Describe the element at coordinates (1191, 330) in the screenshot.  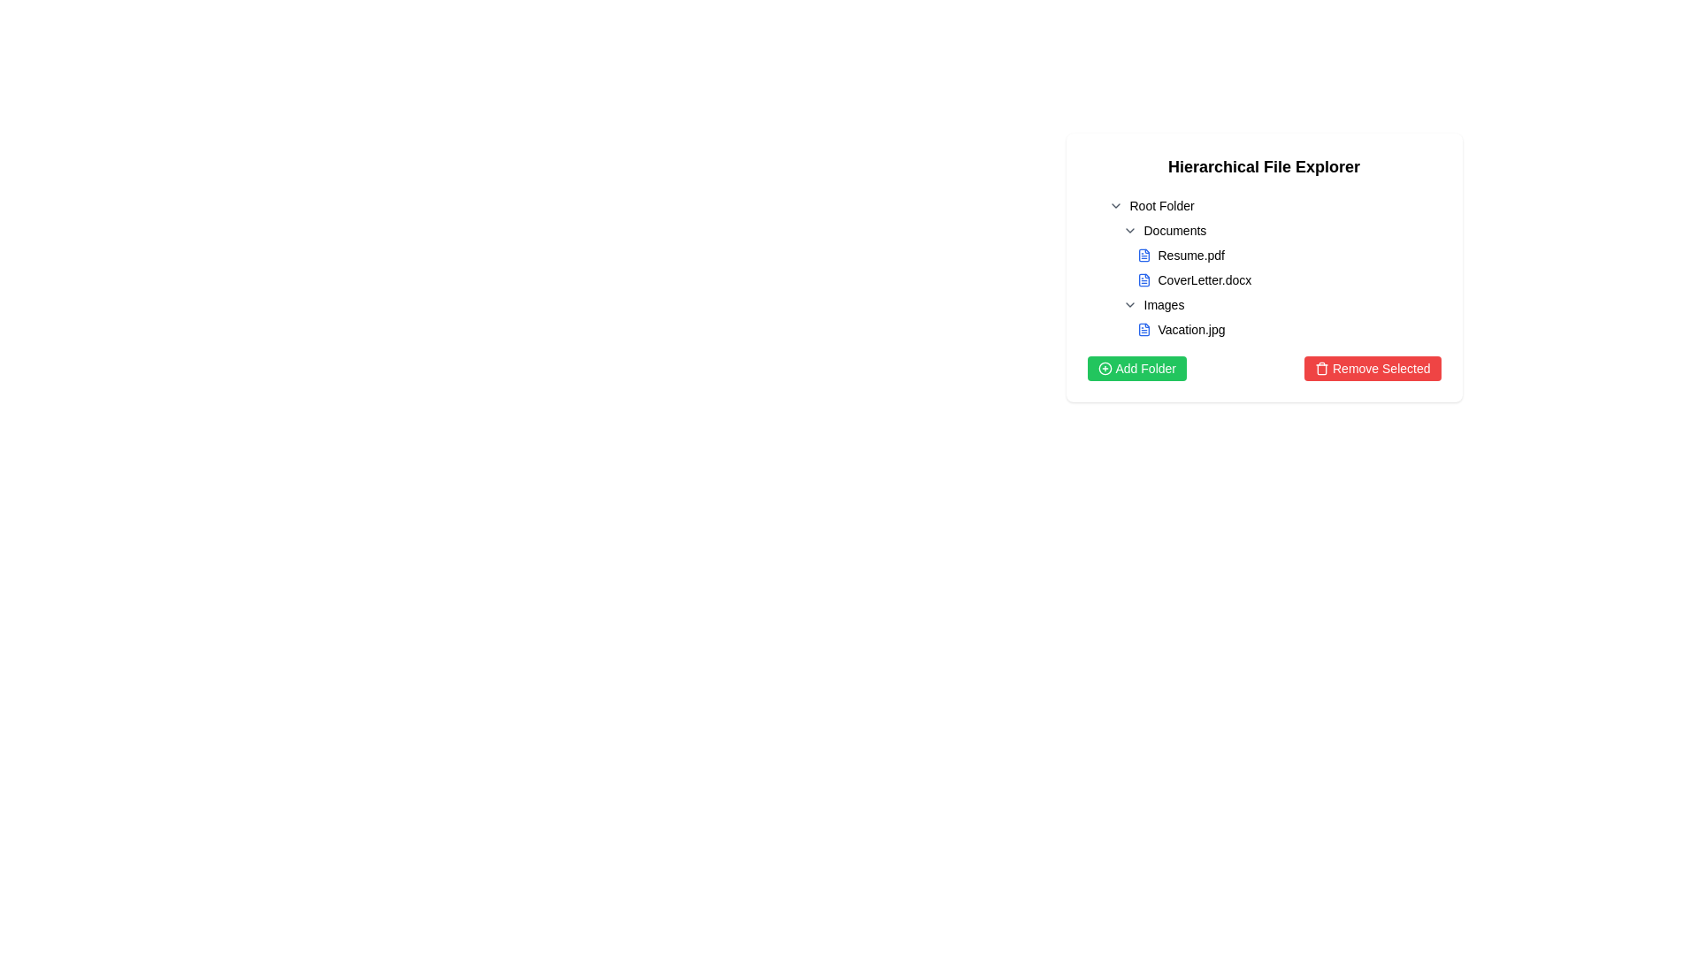
I see `the text label 'Vacation.jpg' located within the 'Images' folder section of the file explorer` at that location.